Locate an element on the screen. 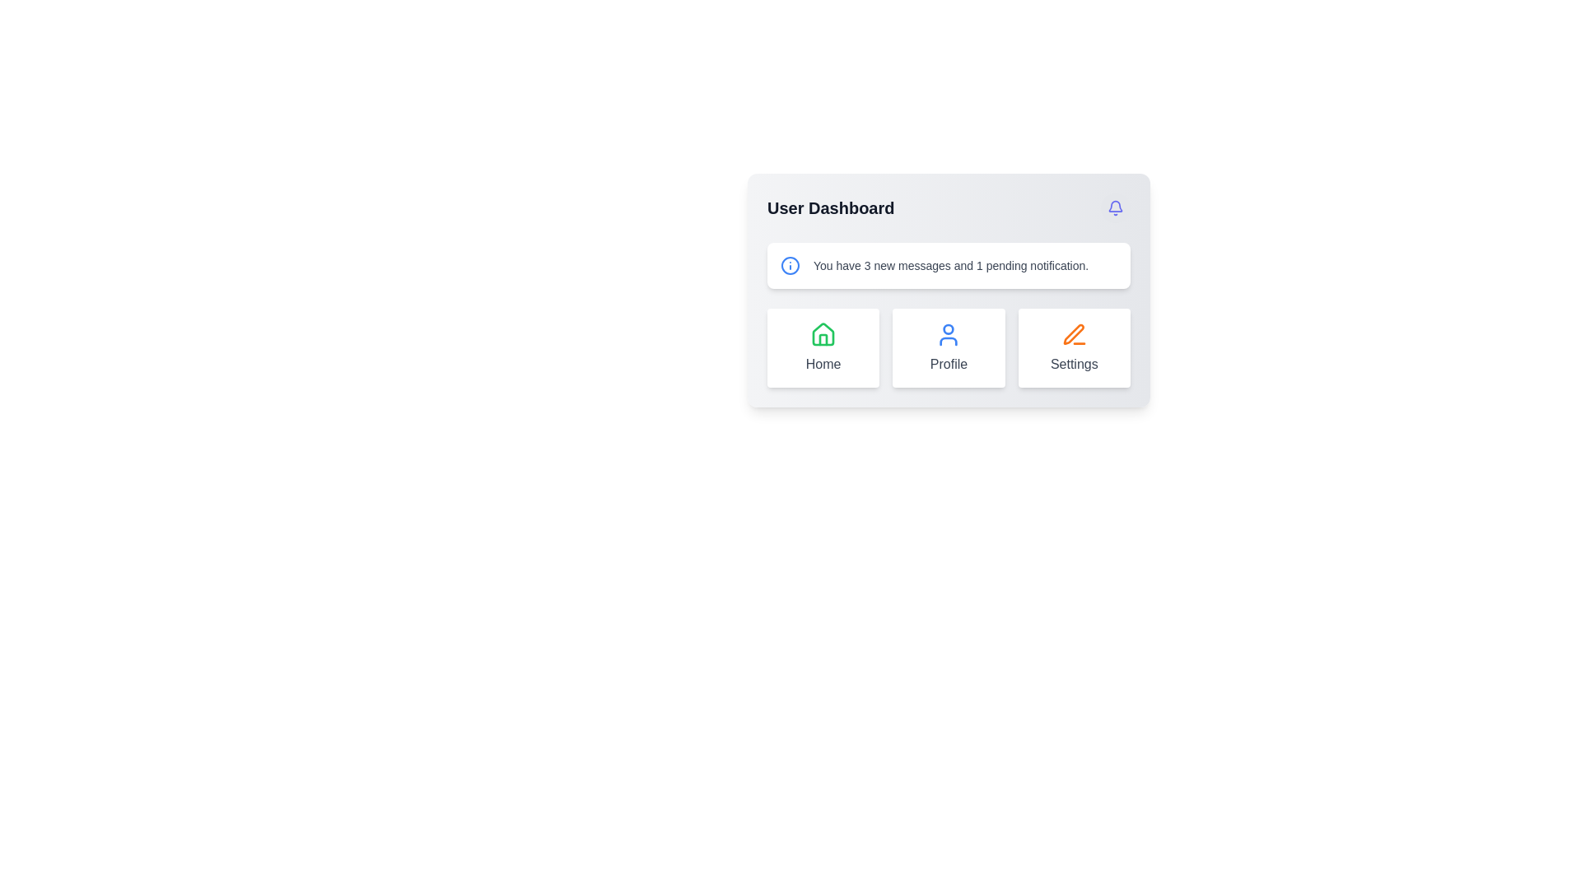 Image resolution: width=1581 pixels, height=889 pixels. the bold orange pen-like icon located near the settings button in the main interface is located at coordinates (1074, 333).